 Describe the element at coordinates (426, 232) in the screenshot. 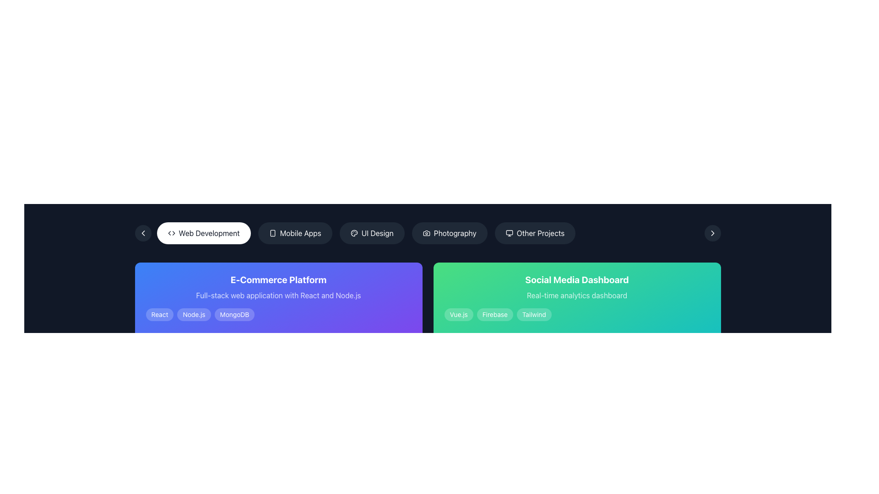

I see `the stylized camera icon located in the navigation section of the interface, which is part of the Photography category` at that location.